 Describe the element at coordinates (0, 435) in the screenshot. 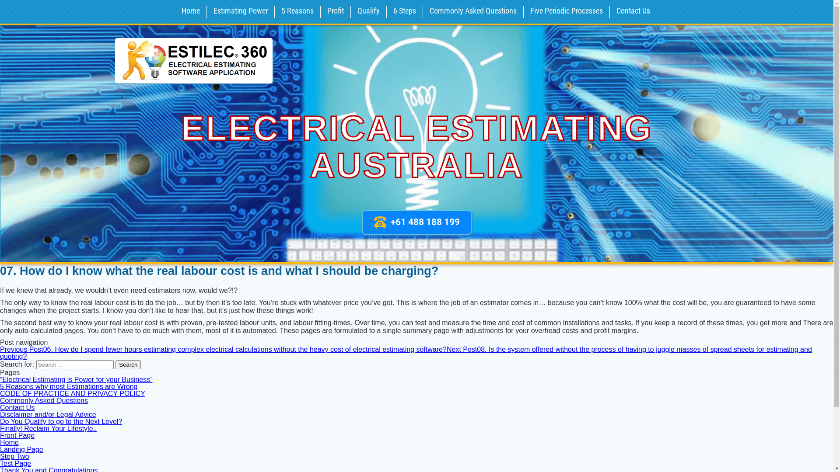

I see `'Front Page'` at that location.